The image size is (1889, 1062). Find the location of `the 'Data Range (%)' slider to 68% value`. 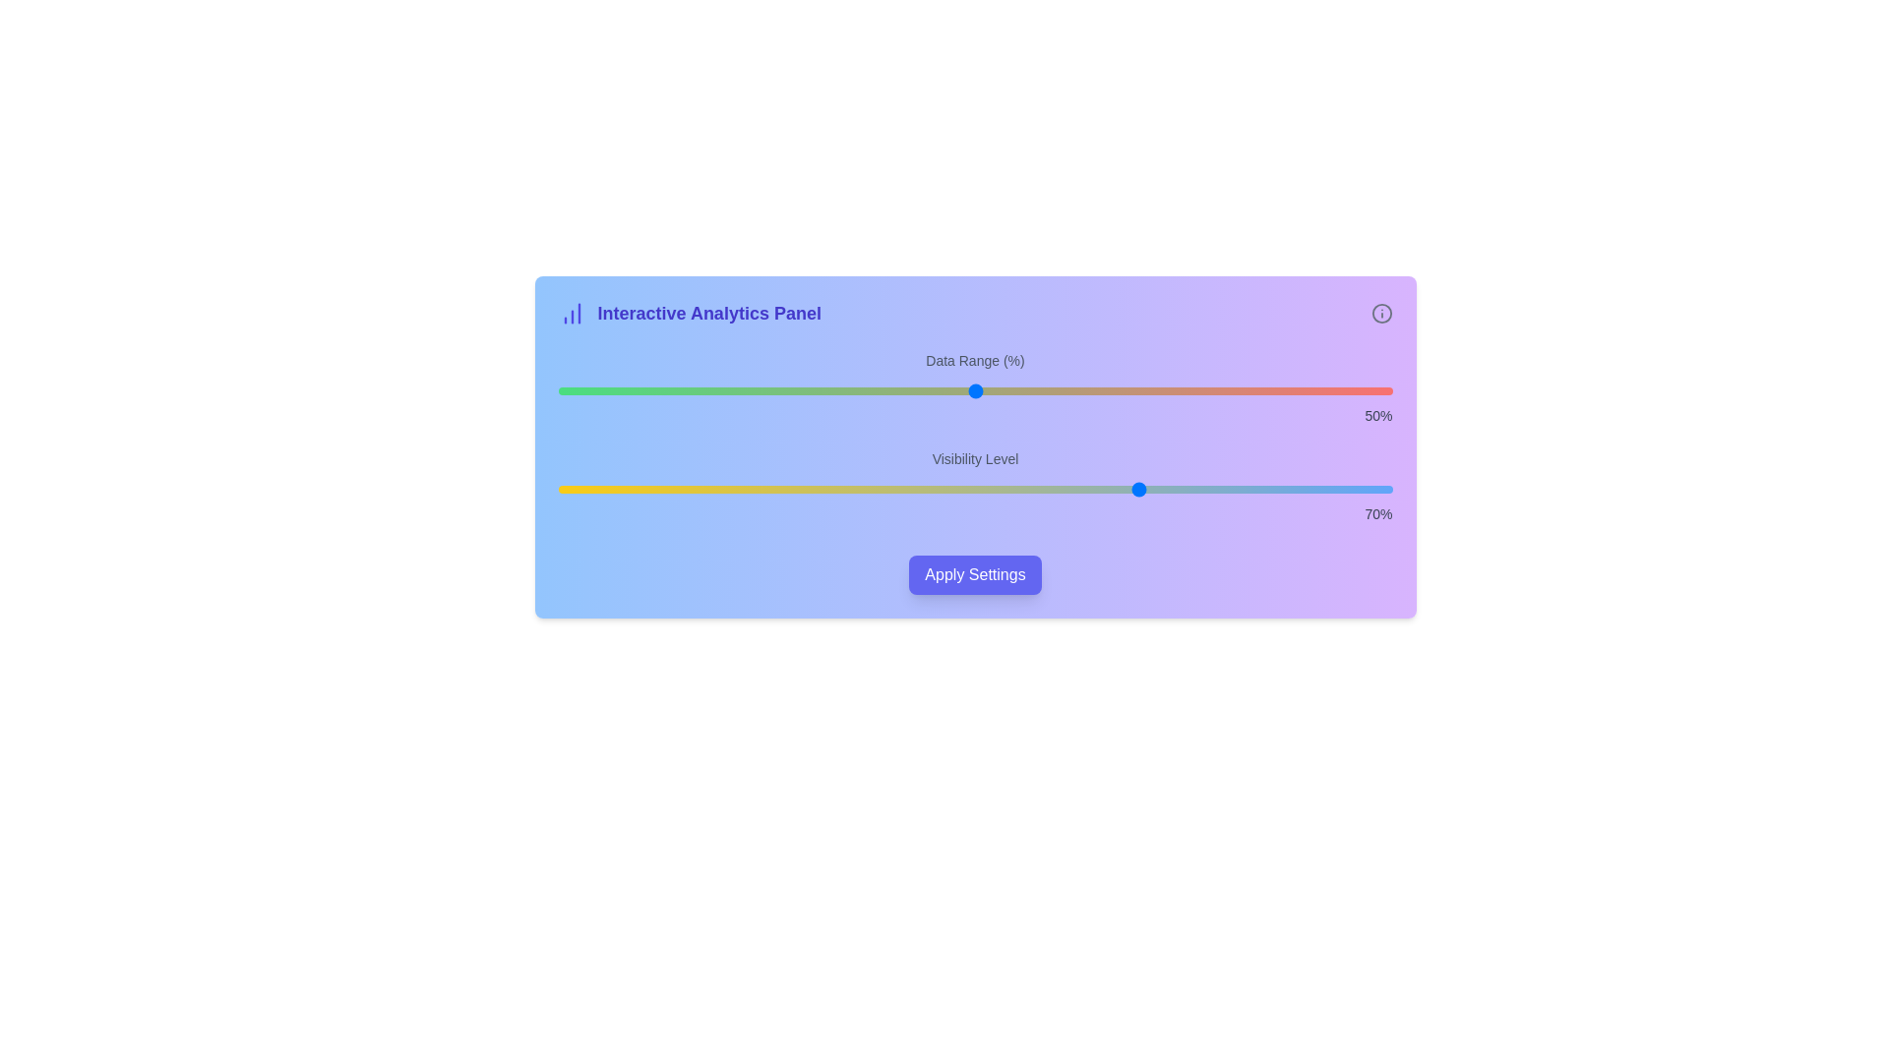

the 'Data Range (%)' slider to 68% value is located at coordinates (1126, 390).